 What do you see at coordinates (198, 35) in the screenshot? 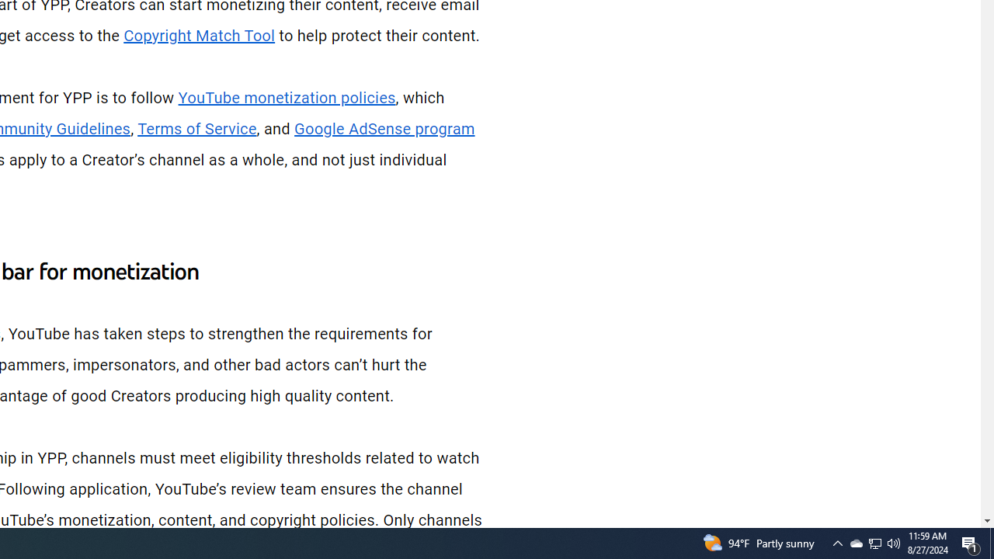
I see `'Copyright Match Tool'` at bounding box center [198, 35].